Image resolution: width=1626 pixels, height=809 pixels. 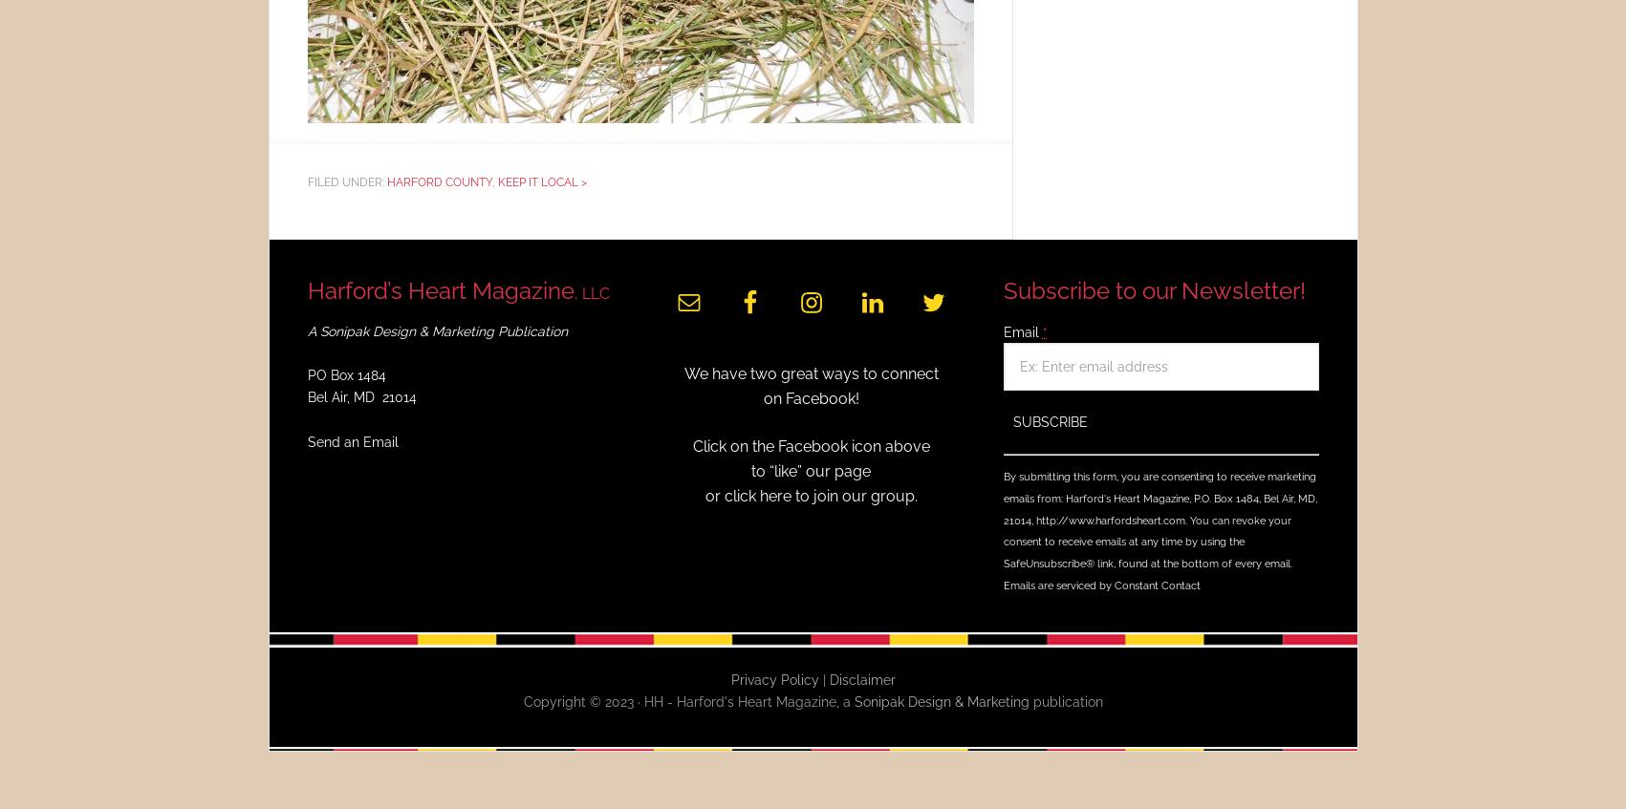 What do you see at coordinates (860, 678) in the screenshot?
I see `'Disclaimer'` at bounding box center [860, 678].